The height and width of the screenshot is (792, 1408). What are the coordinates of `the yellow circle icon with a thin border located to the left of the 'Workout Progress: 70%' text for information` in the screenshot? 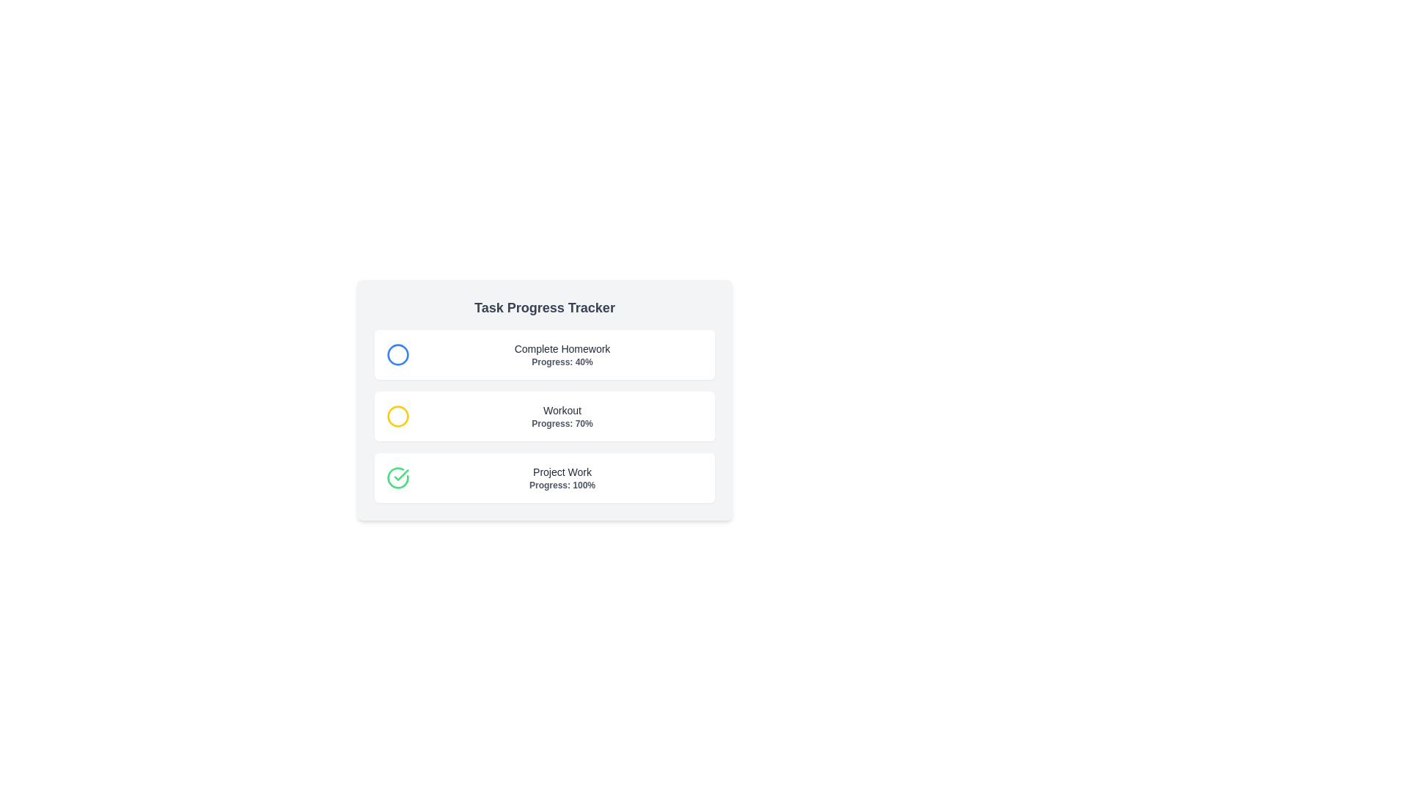 It's located at (397, 416).